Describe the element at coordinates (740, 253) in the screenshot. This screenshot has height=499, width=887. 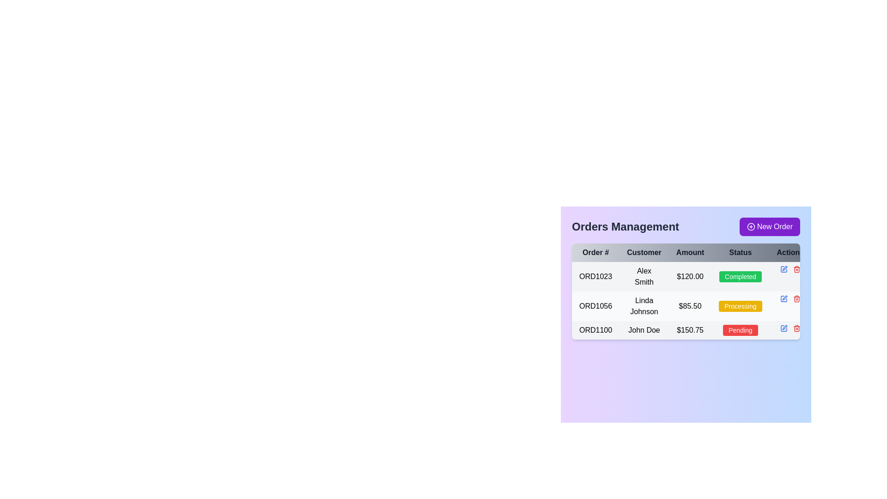
I see `the 'Status' text label in the header of the table, which displays the word 'Status' and is styled with a medium font size and dark text color` at that location.